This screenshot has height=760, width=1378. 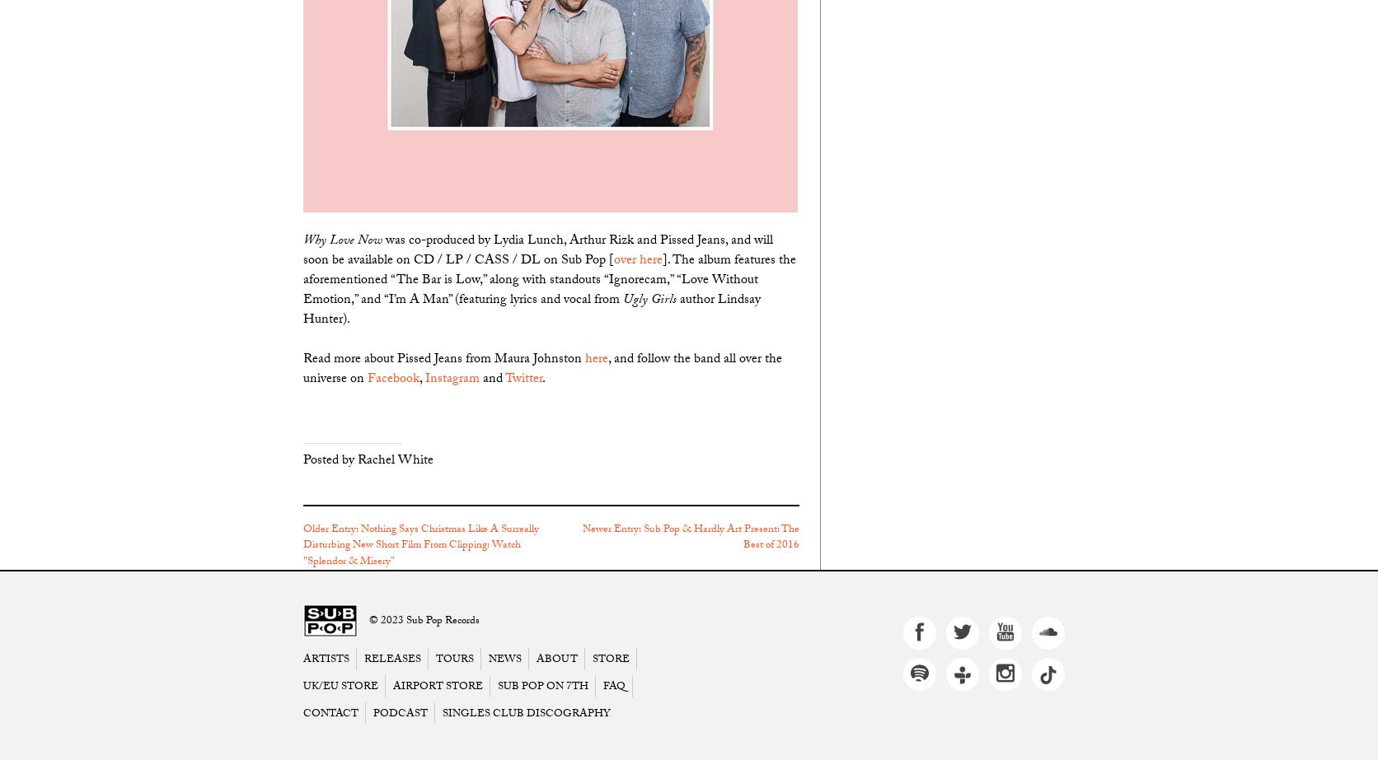 I want to click on ']. The album features the aforementioned “The Bar is Low,” along with standouts “Ignorecam,” “Love Without Emotion,” and “I’m A Man” (featuring lyrics and vocal from', so click(x=549, y=280).